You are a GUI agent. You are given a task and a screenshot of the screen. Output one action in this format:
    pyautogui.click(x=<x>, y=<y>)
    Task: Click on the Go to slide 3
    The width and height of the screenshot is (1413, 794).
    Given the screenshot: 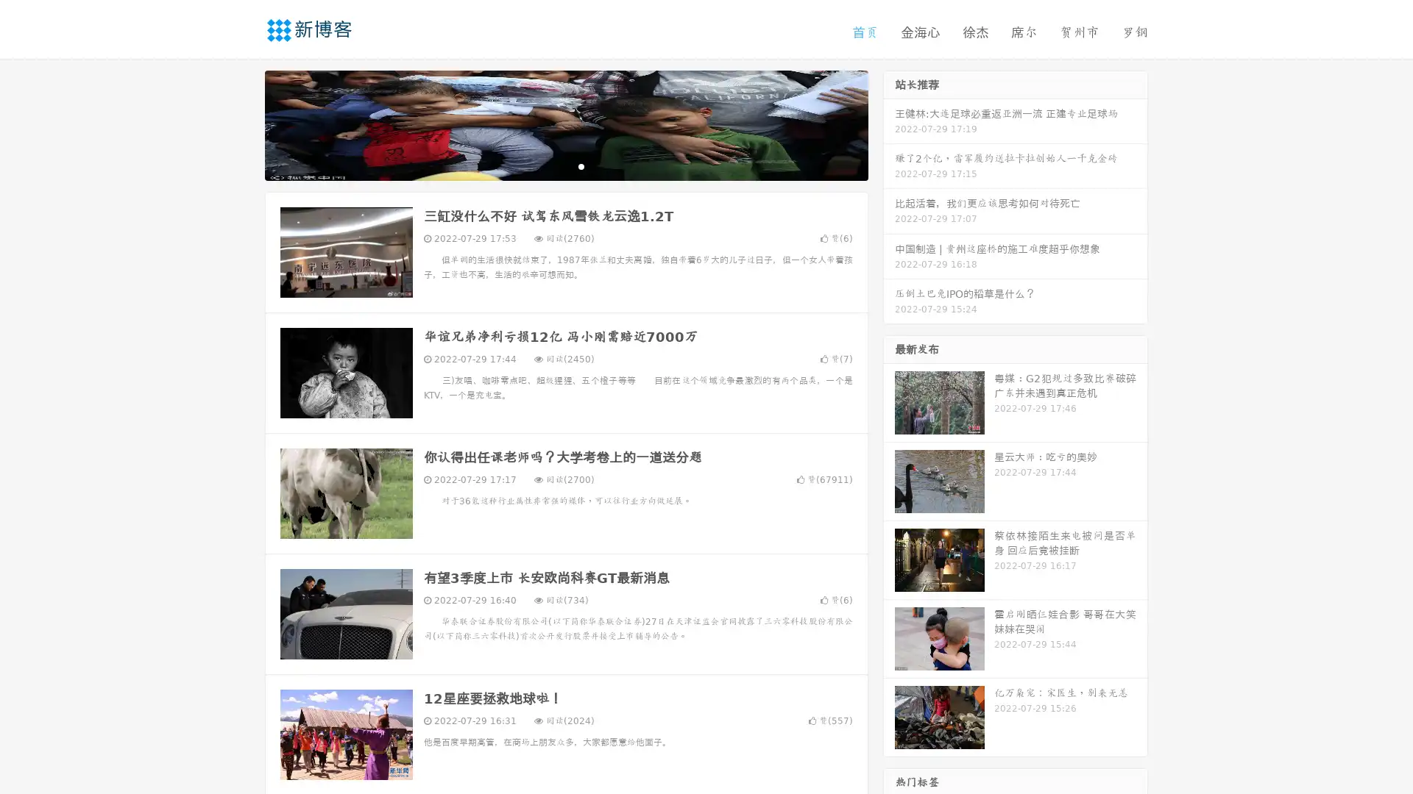 What is the action you would take?
    pyautogui.click(x=581, y=165)
    